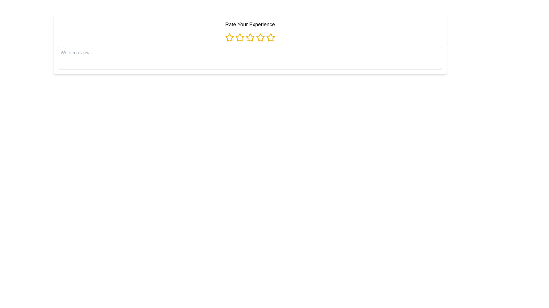  What do you see at coordinates (270, 37) in the screenshot?
I see `the fifth yellow star icon in the rating section` at bounding box center [270, 37].